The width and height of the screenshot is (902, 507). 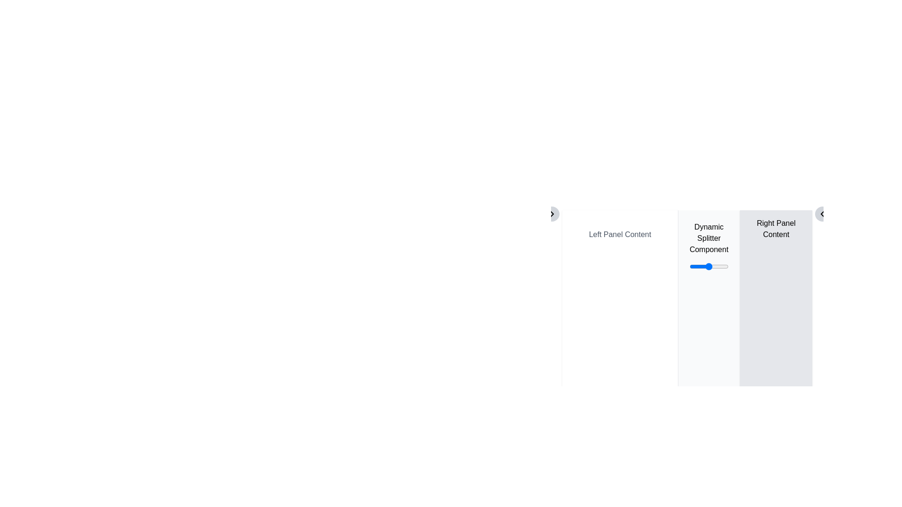 What do you see at coordinates (822, 214) in the screenshot?
I see `the circular button with a gray background and a left-pointing chevron icon located at the top right corner of the left panel for keyboard navigation` at bounding box center [822, 214].